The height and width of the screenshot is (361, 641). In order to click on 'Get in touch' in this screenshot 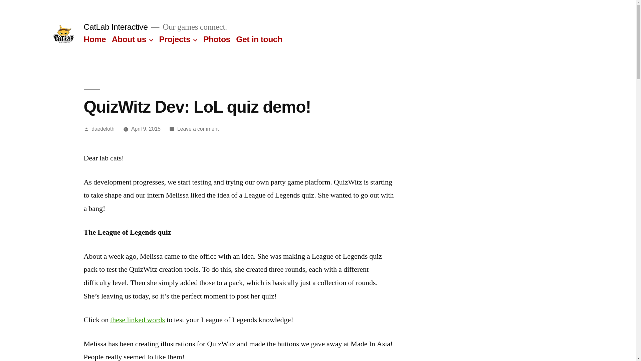, I will do `click(259, 39)`.